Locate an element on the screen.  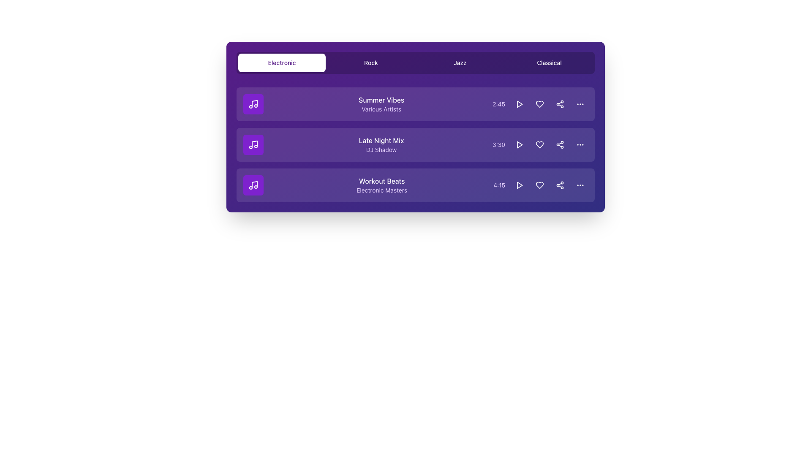
the 'Jazz' navigation button located in the top navigation bar is located at coordinates (460, 62).